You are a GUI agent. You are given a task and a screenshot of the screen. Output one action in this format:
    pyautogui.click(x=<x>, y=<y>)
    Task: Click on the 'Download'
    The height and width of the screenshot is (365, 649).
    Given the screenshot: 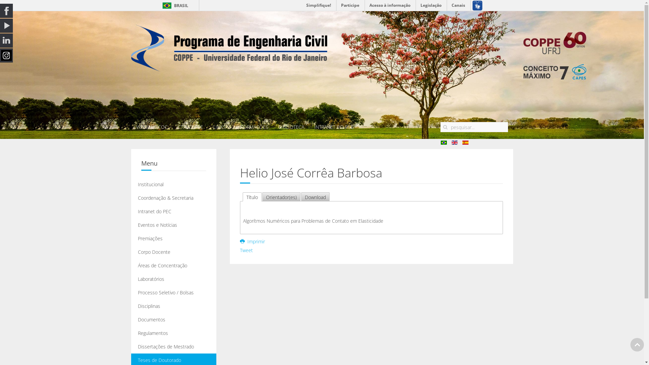 What is the action you would take?
    pyautogui.click(x=301, y=197)
    